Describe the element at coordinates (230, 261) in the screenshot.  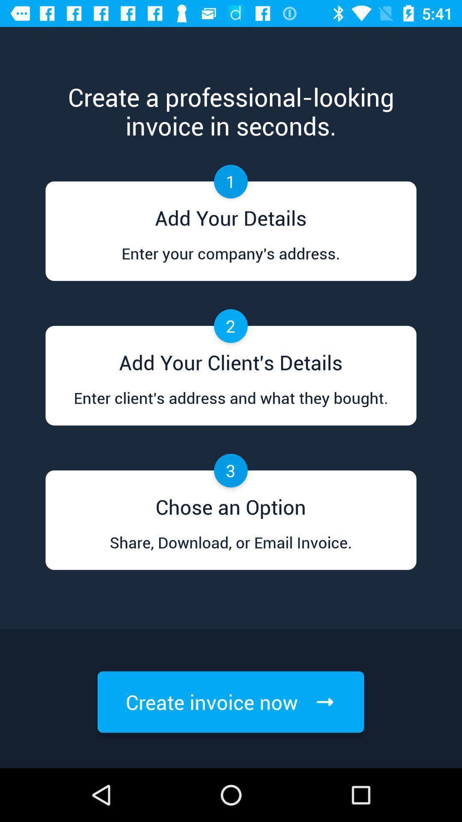
I see `icon above 2 icon` at that location.